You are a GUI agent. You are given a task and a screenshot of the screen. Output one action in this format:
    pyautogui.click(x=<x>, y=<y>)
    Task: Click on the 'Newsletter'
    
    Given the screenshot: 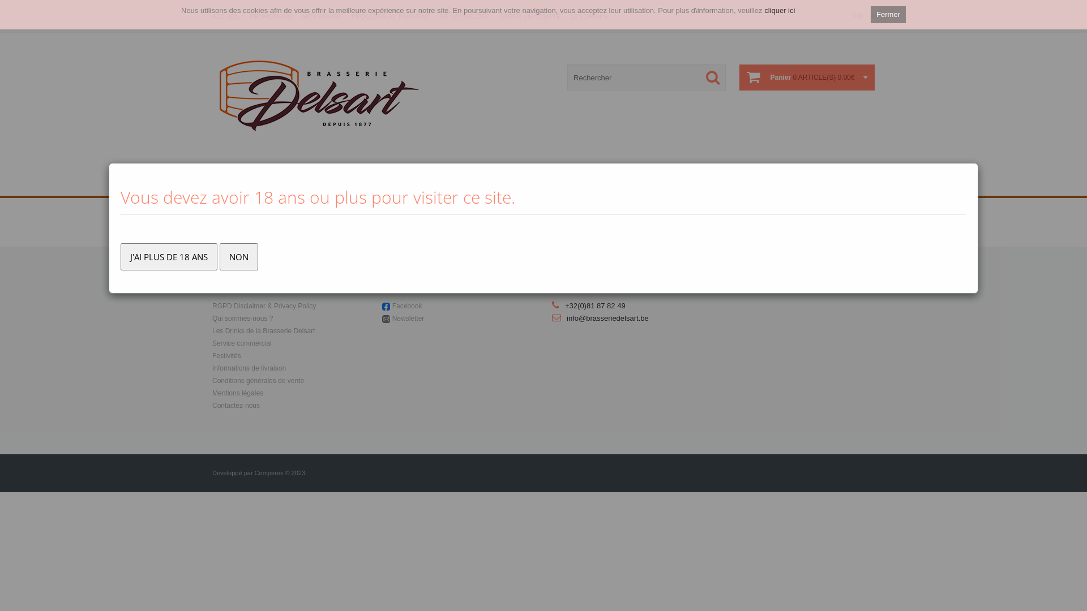 What is the action you would take?
    pyautogui.click(x=408, y=319)
    